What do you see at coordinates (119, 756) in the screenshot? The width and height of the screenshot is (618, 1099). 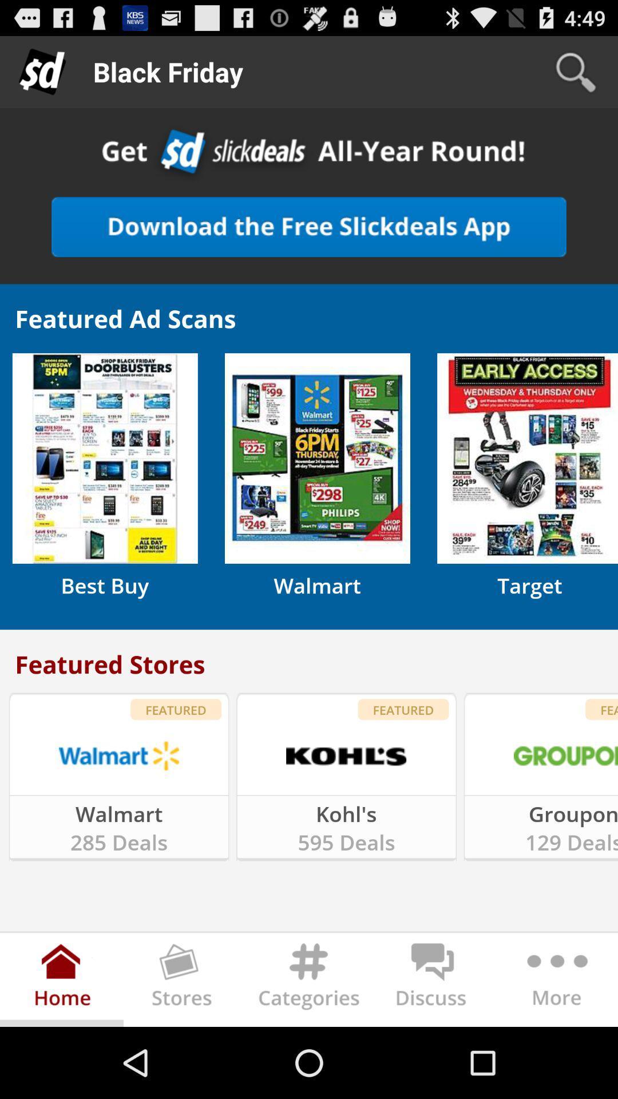 I see `wallmart which is below featured stores` at bounding box center [119, 756].